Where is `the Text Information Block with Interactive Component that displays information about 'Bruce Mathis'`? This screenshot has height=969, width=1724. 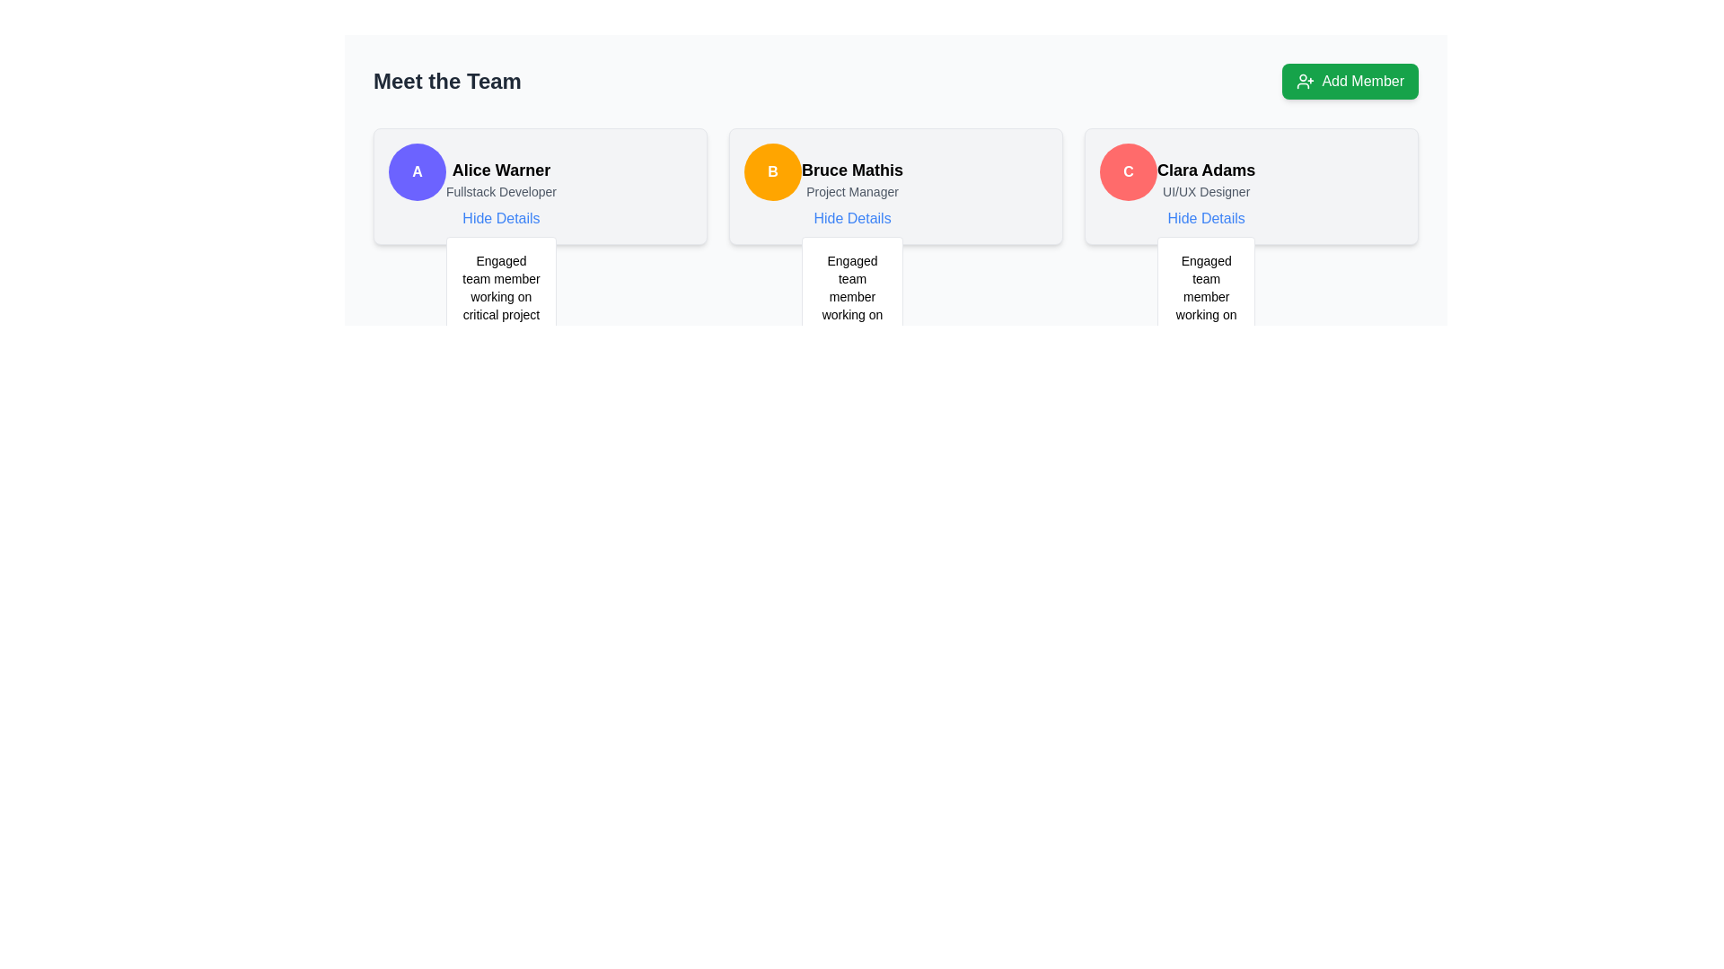 the Text Information Block with Interactive Component that displays information about 'Bruce Mathis' is located at coordinates (851, 194).